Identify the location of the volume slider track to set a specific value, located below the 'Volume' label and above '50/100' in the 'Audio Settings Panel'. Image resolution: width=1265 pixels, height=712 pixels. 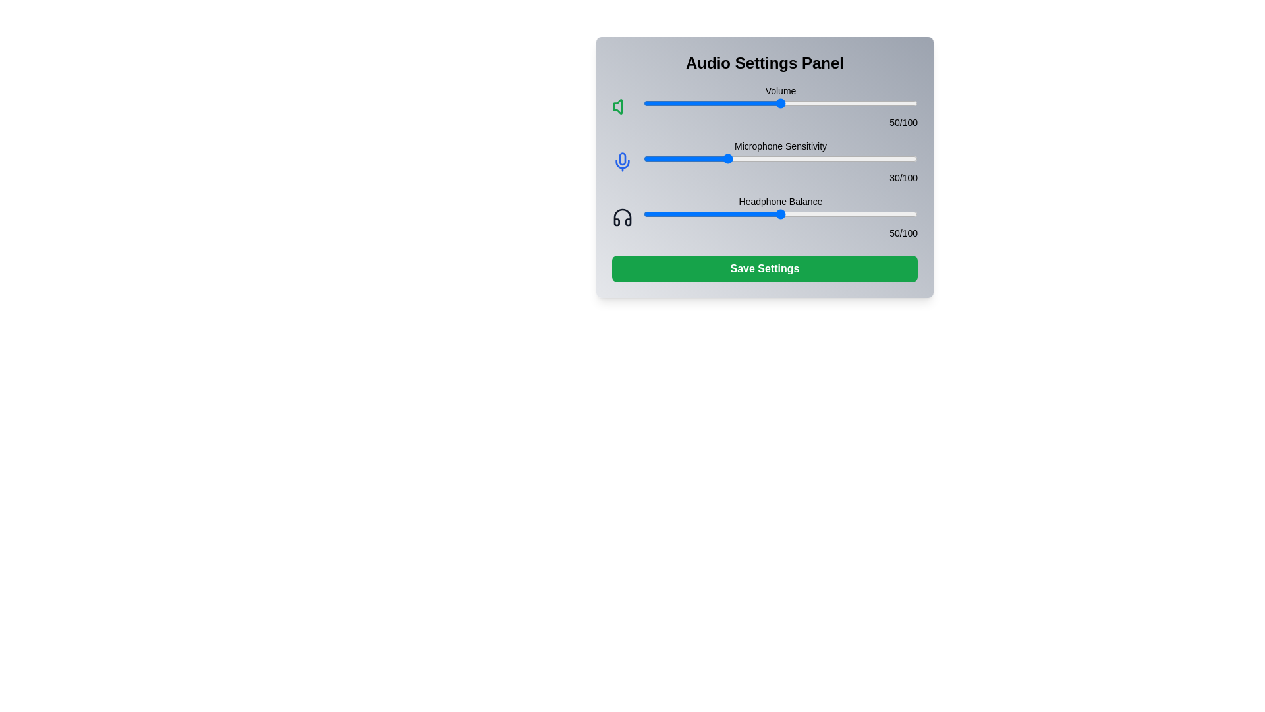
(781, 103).